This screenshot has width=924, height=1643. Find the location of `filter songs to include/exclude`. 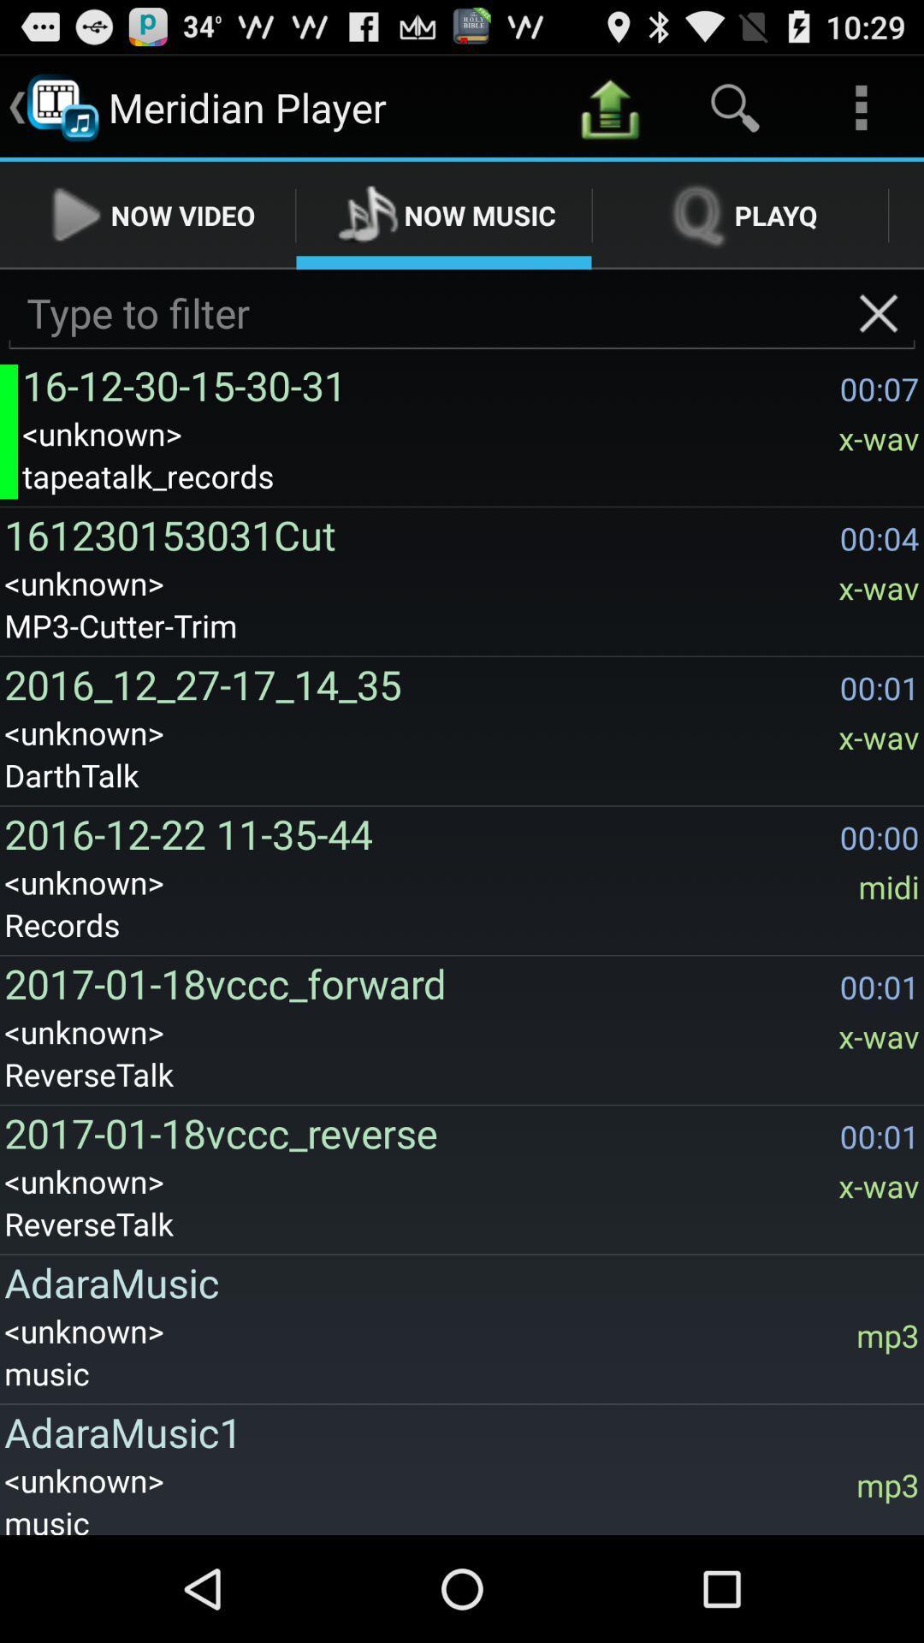

filter songs to include/exclude is located at coordinates (462, 313).